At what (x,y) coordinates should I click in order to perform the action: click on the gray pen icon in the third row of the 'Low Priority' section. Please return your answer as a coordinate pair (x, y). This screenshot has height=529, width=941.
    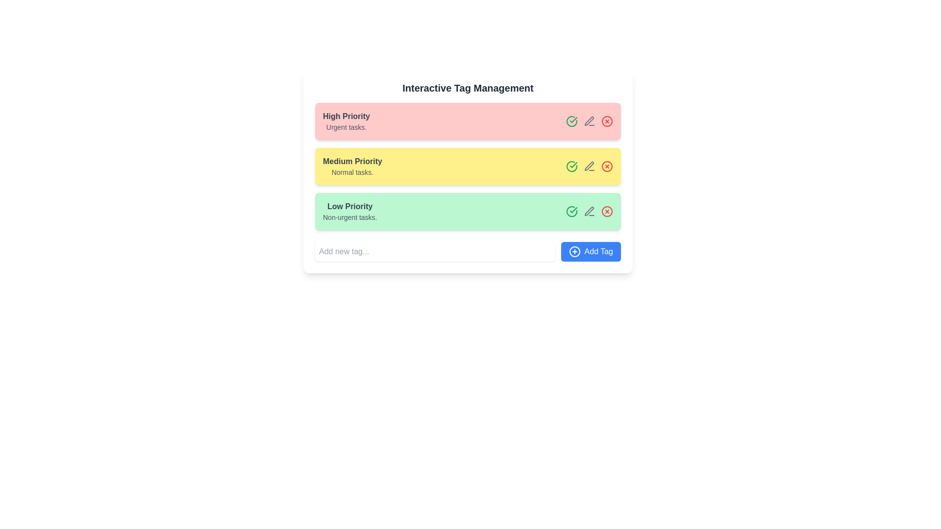
    Looking at the image, I should click on (589, 211).